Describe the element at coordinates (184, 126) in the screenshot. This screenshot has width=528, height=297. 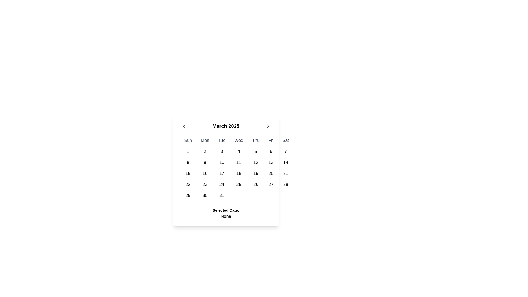
I see `the embedded left-pointing arrow icon within the chevron icon located at the top-left corner of the calendar header` at that location.